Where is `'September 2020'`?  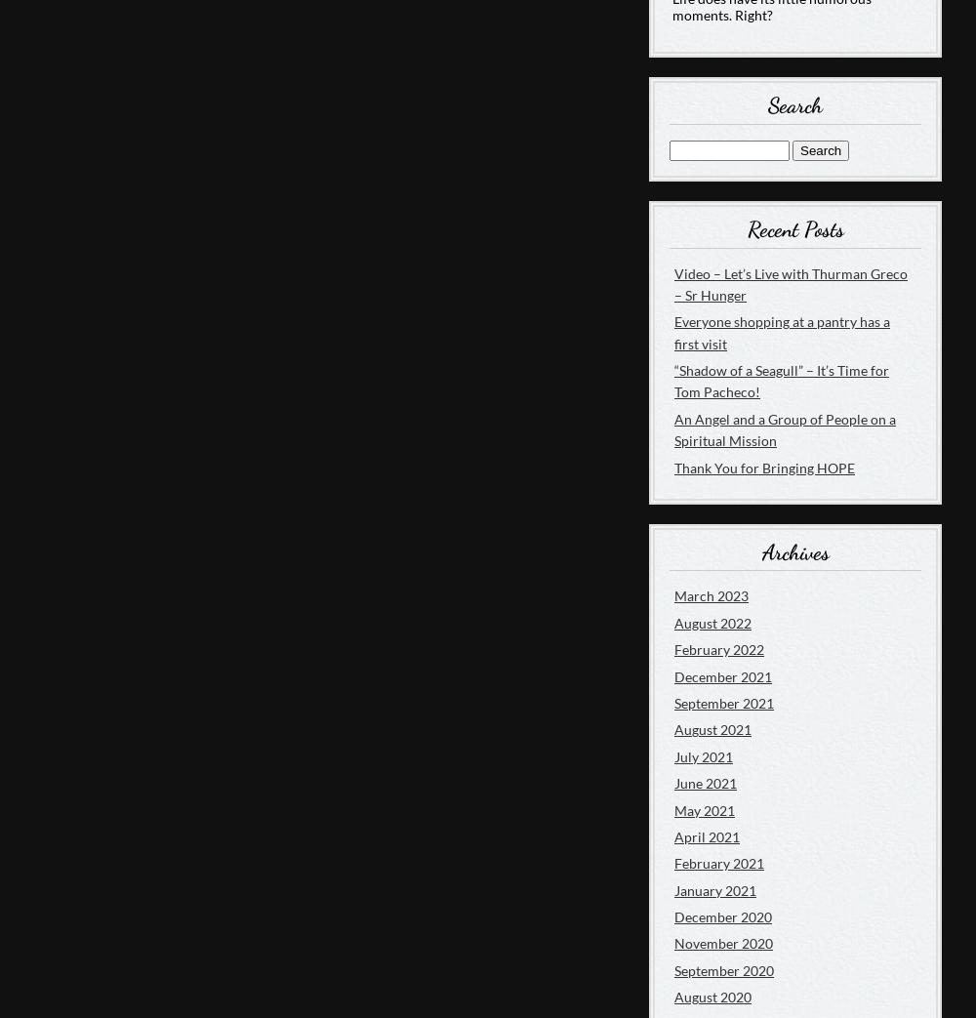 'September 2020' is located at coordinates (723, 969).